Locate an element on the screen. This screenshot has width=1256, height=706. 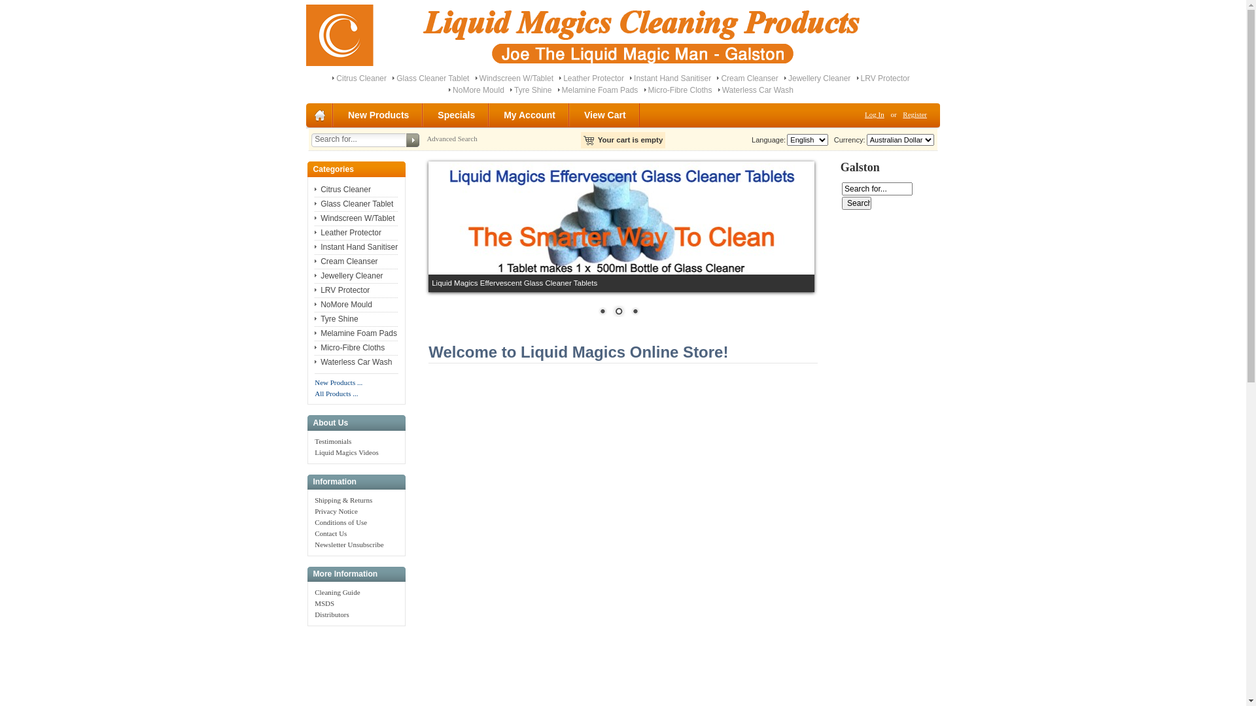
'New Products' is located at coordinates (378, 114).